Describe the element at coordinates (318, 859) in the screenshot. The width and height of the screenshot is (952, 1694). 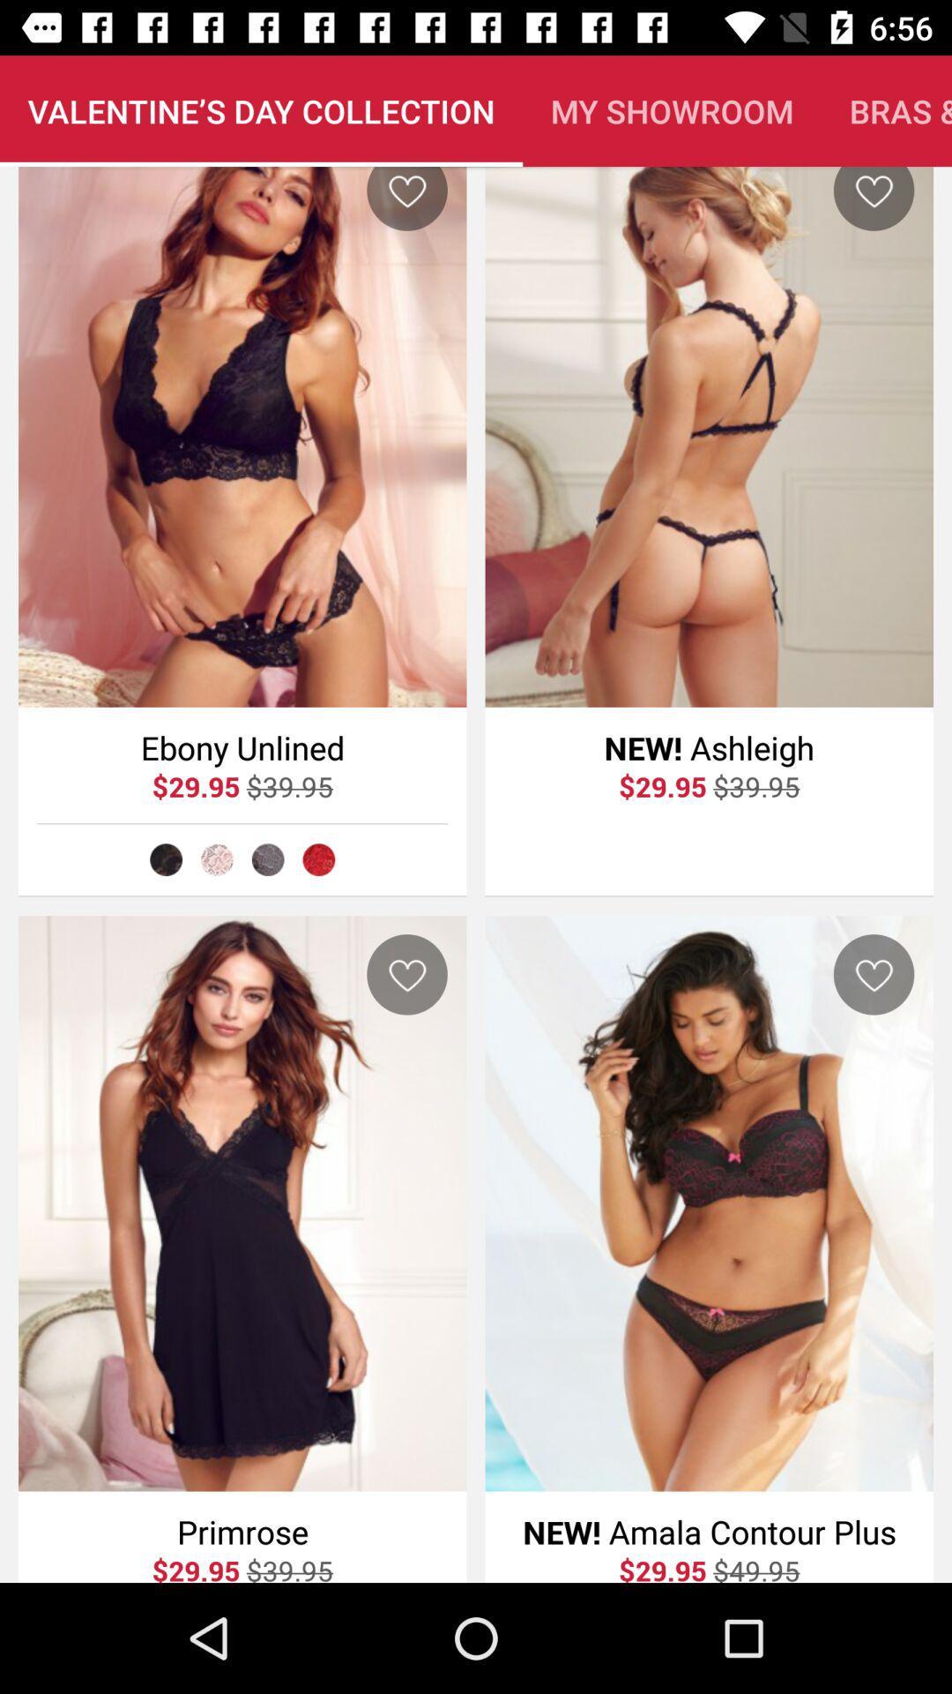
I see `loading option` at that location.